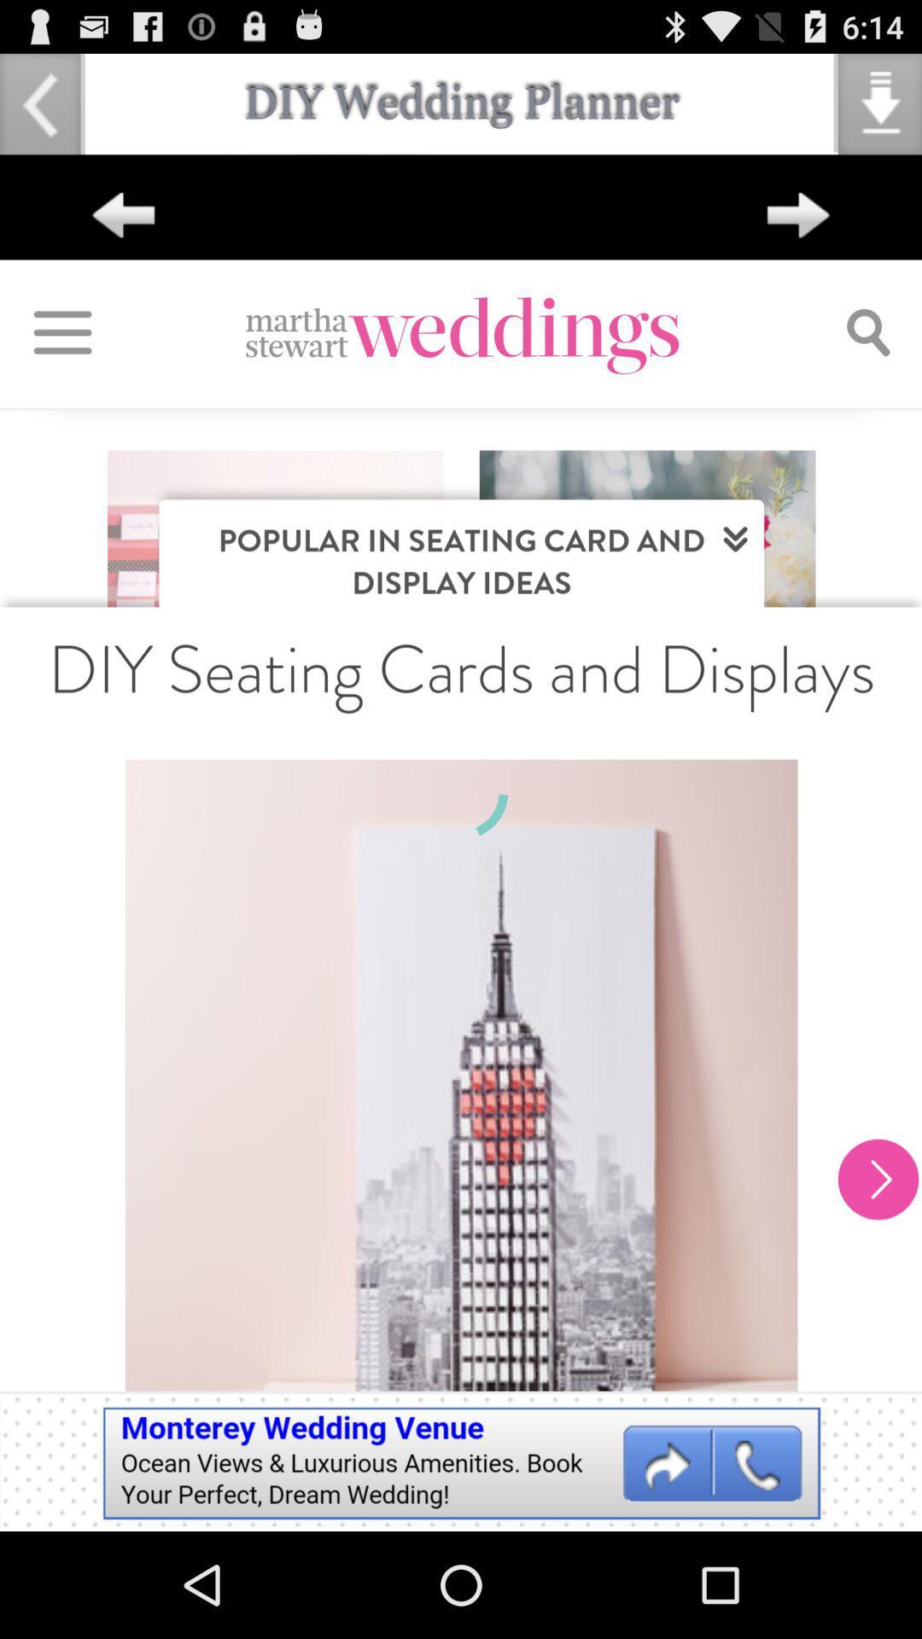  I want to click on the arrow_forward icon, so click(798, 230).